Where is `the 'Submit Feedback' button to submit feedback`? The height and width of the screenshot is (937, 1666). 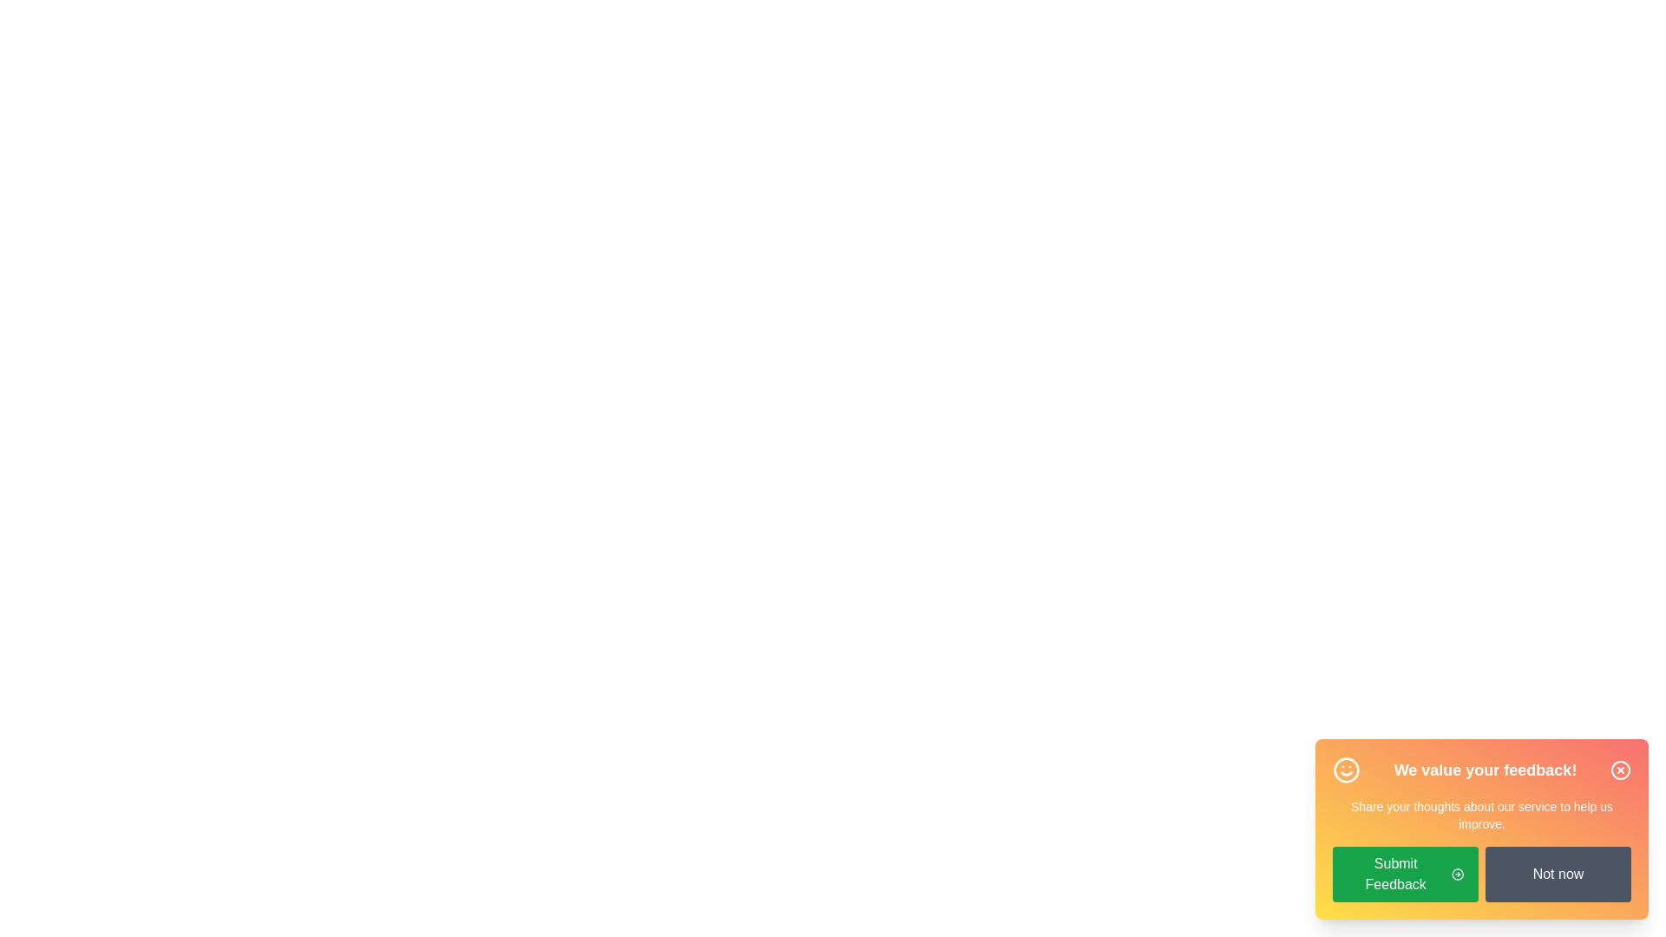
the 'Submit Feedback' button to submit feedback is located at coordinates (1406, 874).